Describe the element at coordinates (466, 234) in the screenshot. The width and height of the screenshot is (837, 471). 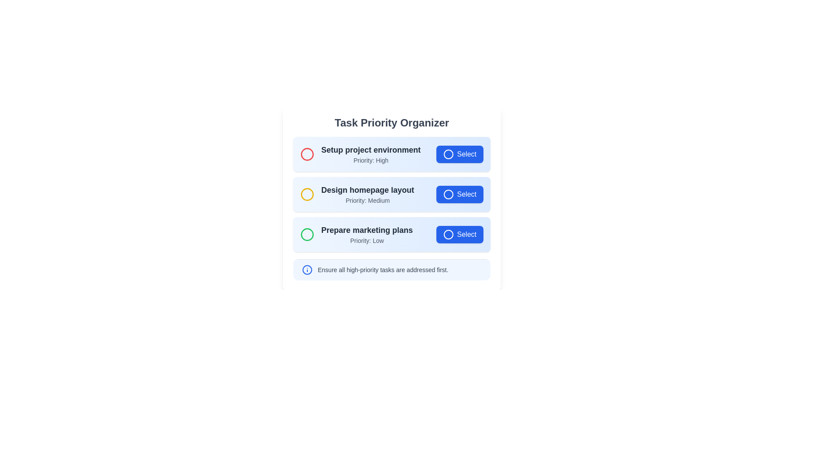
I see `the text label within the button that indicates the action for 'Prepare marketing plans: Priority: Low', positioned to the right of a circular icon` at that location.